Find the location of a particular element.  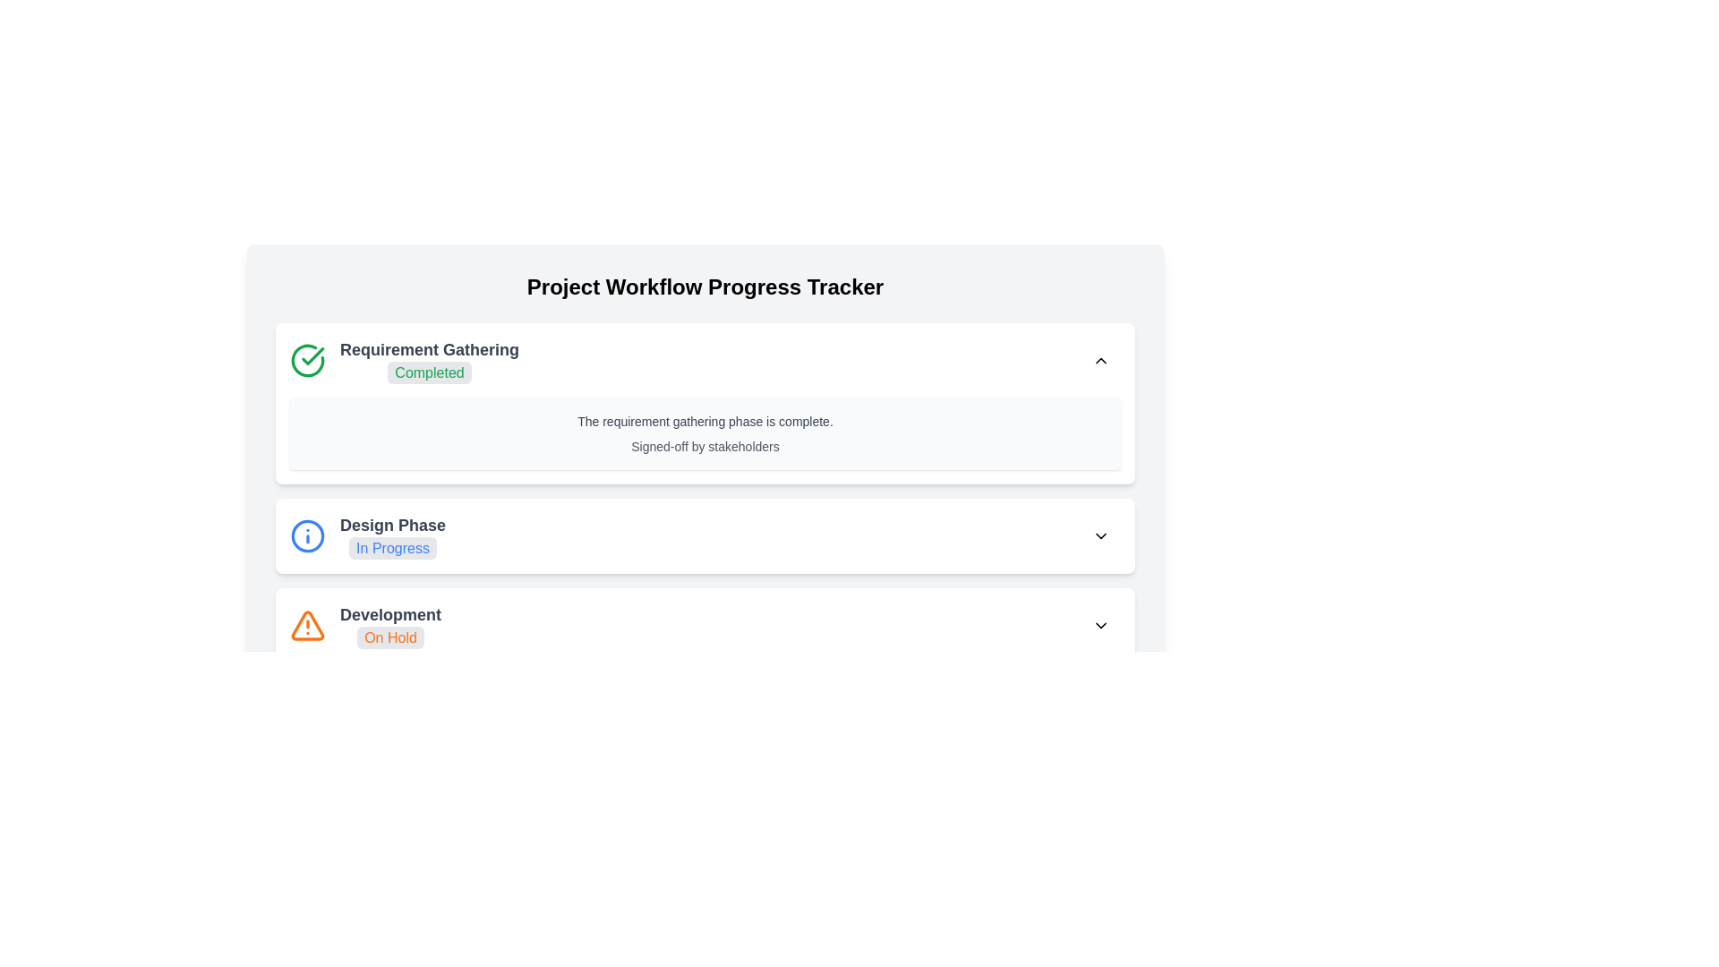

the circular button with a downward-pointing chevron icon located at the far right of the 'Design Phase' section in the Project Workflow Progress Tracker interface is located at coordinates (1099, 535).